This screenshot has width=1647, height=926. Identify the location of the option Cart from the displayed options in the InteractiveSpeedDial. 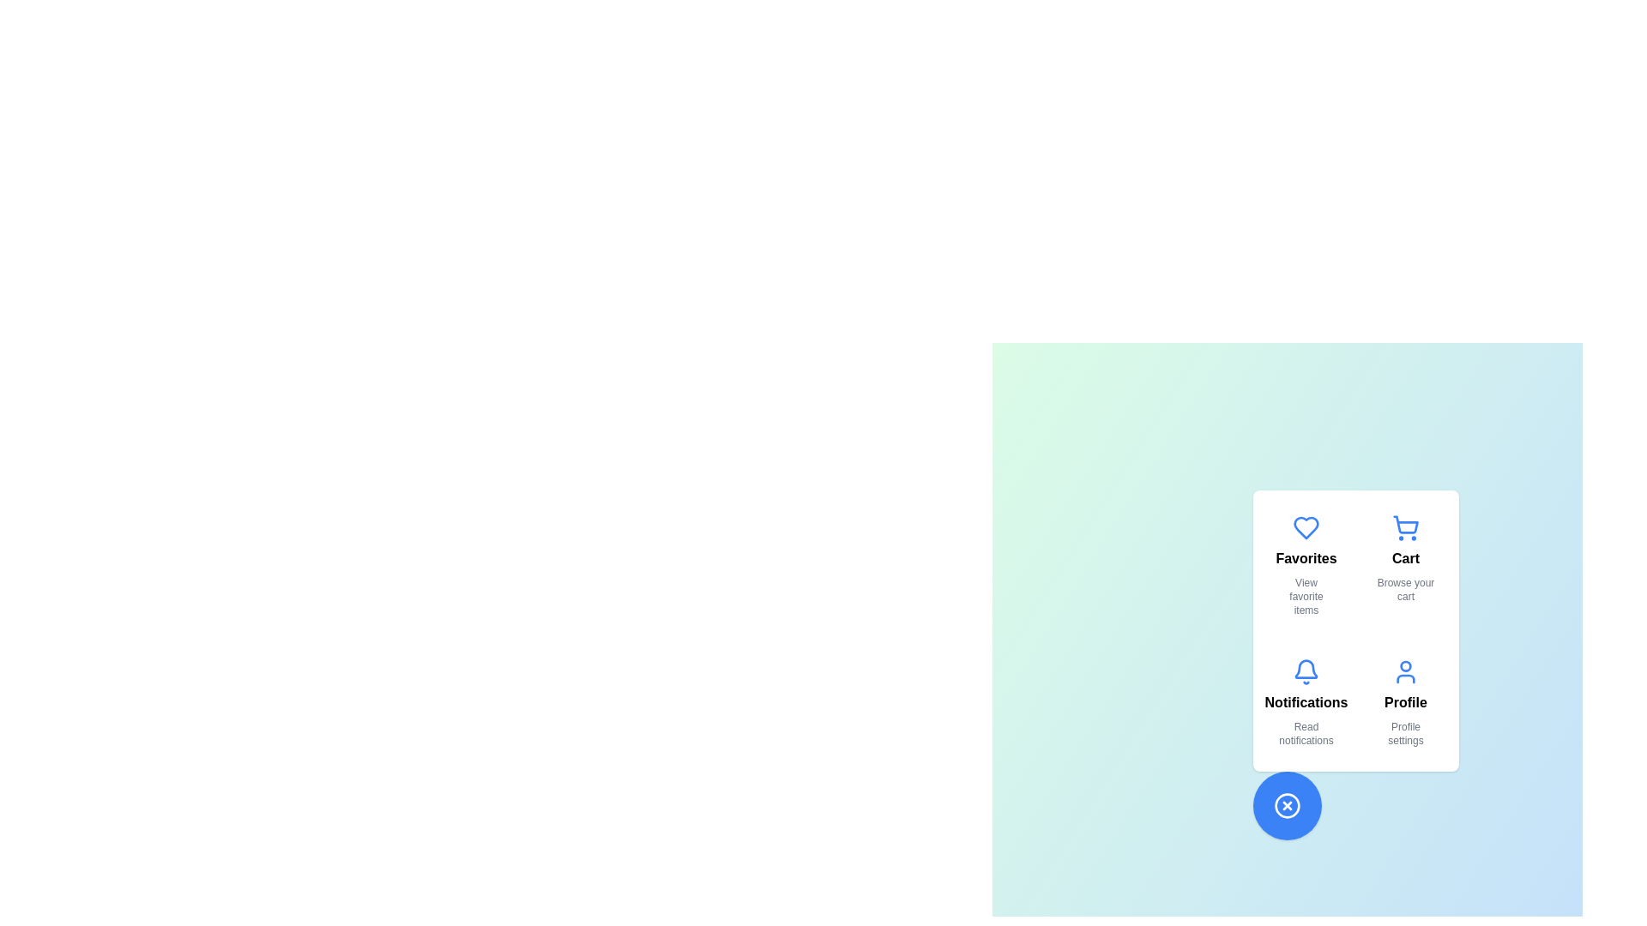
(1405, 565).